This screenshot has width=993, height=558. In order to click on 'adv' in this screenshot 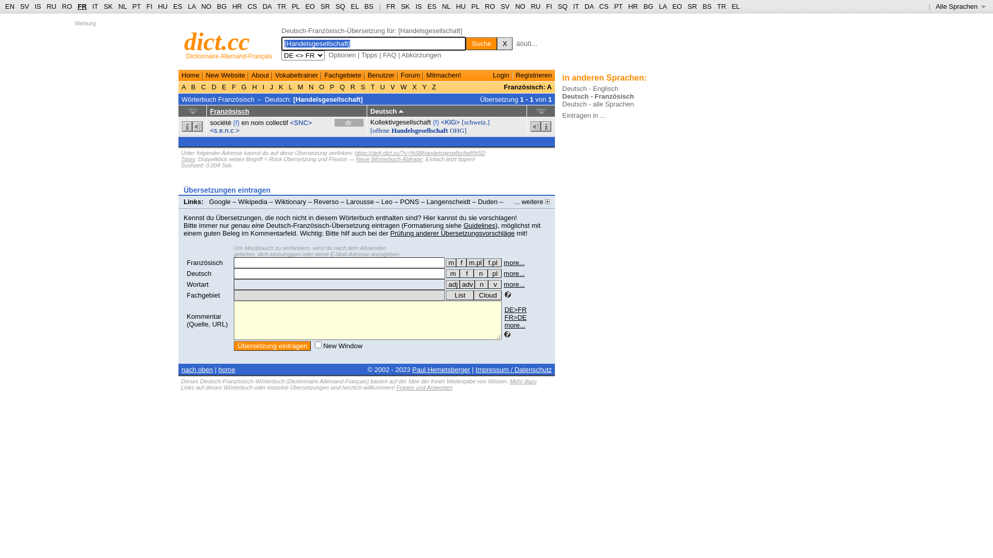, I will do `click(467, 284)`.